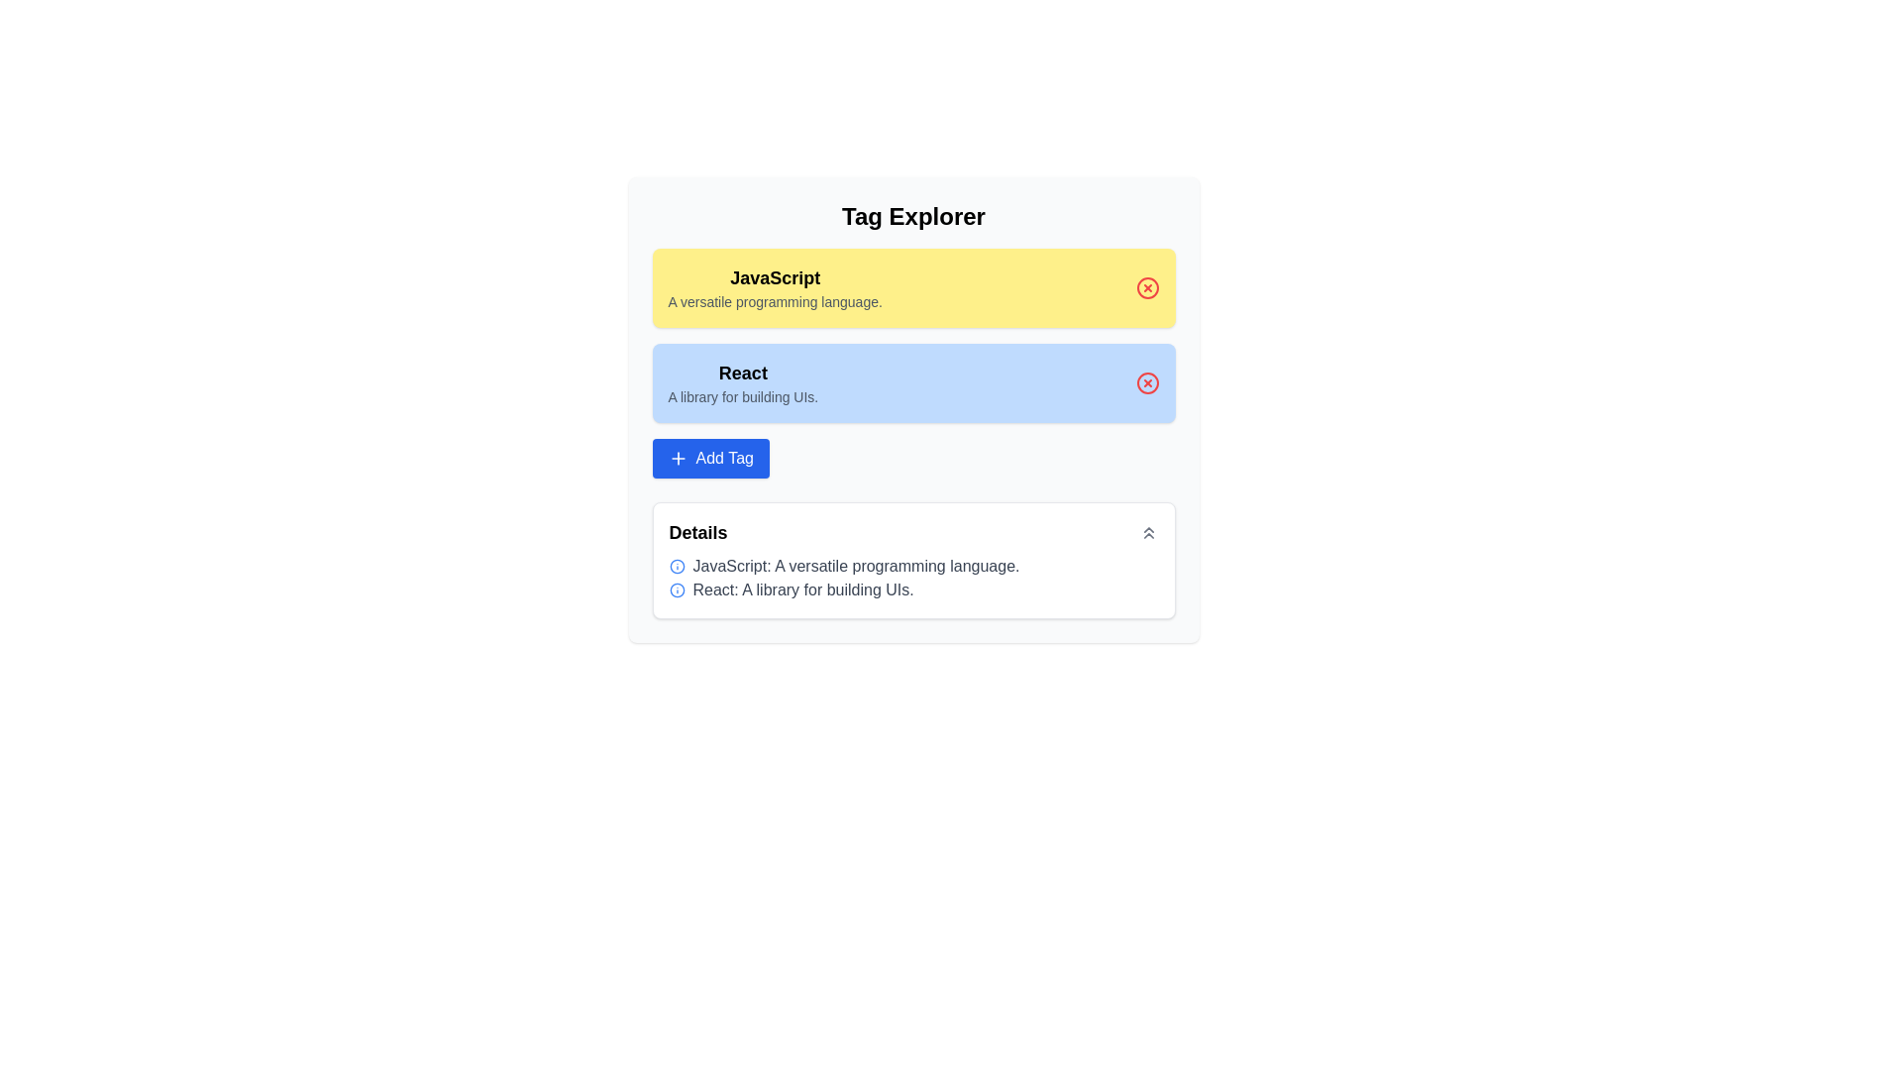 The image size is (1902, 1070). I want to click on first SVG circle component within the 'Details' section of the information icon for debugging purposes, so click(677, 566).